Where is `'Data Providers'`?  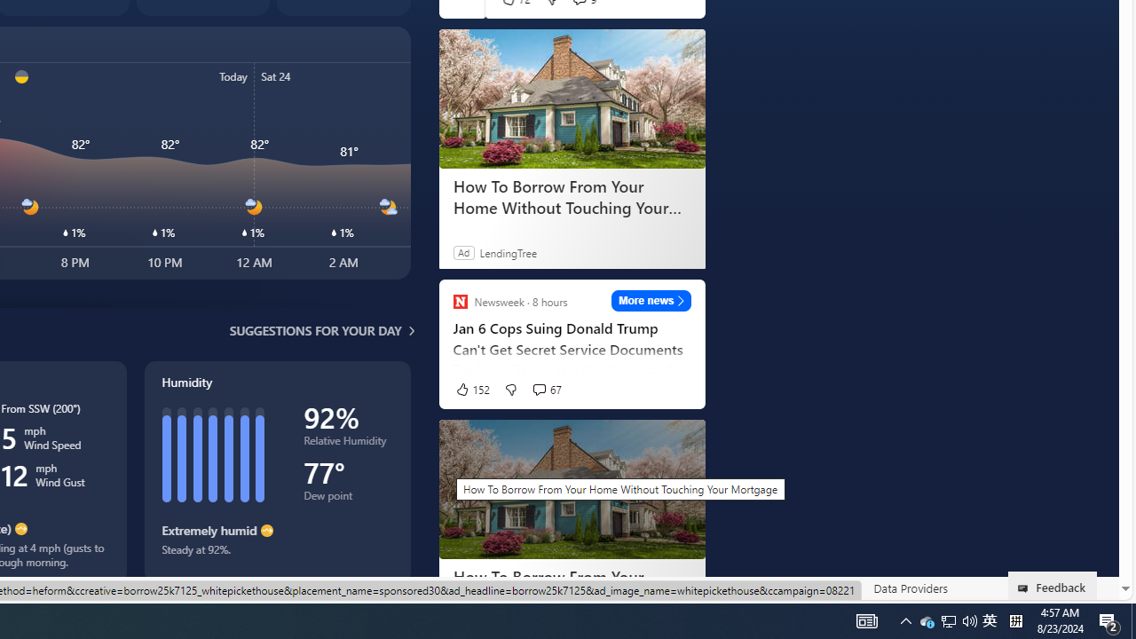
'Data Providers' is located at coordinates (910, 588).